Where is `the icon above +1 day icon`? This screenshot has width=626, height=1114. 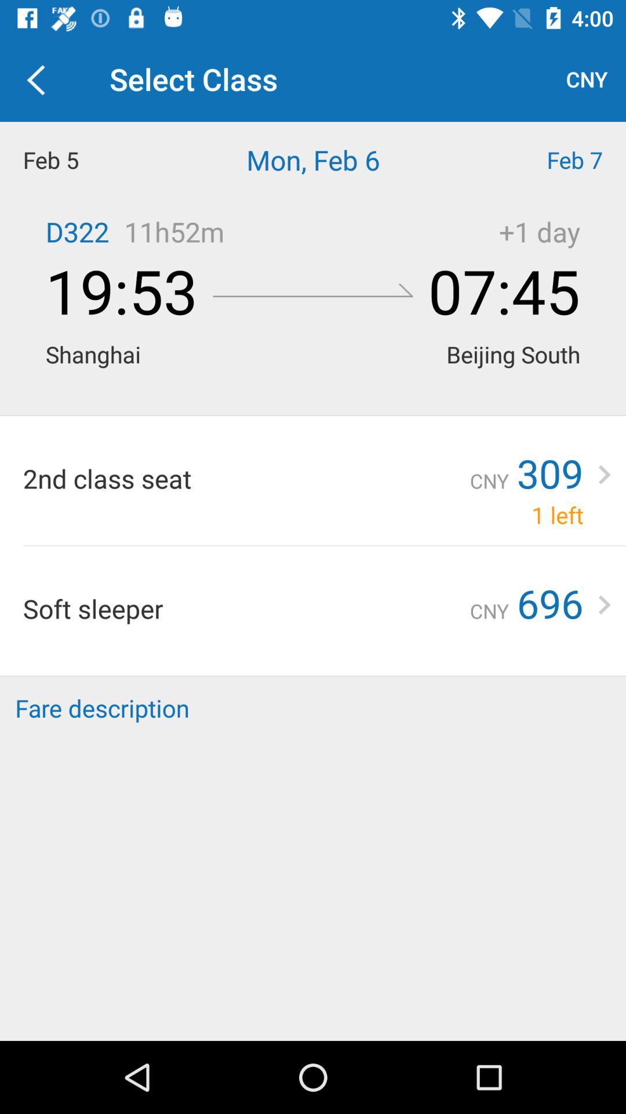
the icon above +1 day icon is located at coordinates (548, 159).